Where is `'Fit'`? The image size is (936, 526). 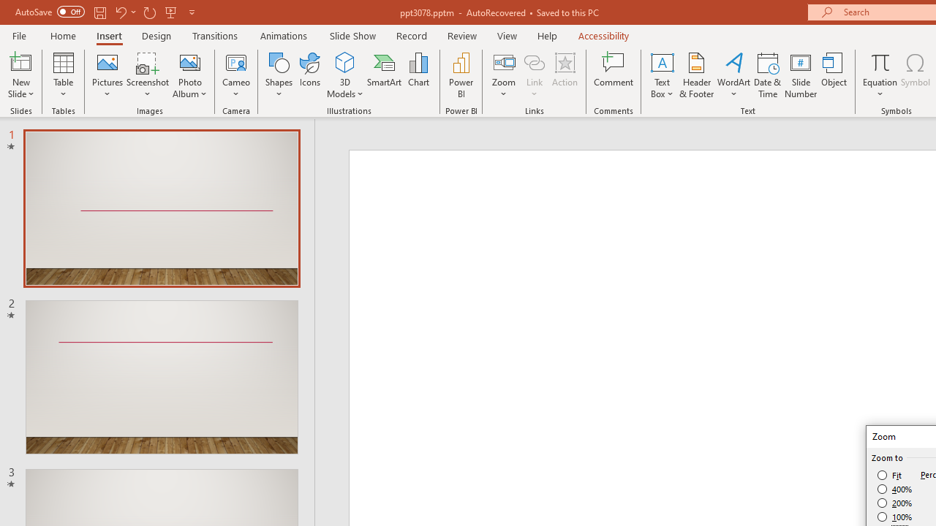
'Fit' is located at coordinates (889, 475).